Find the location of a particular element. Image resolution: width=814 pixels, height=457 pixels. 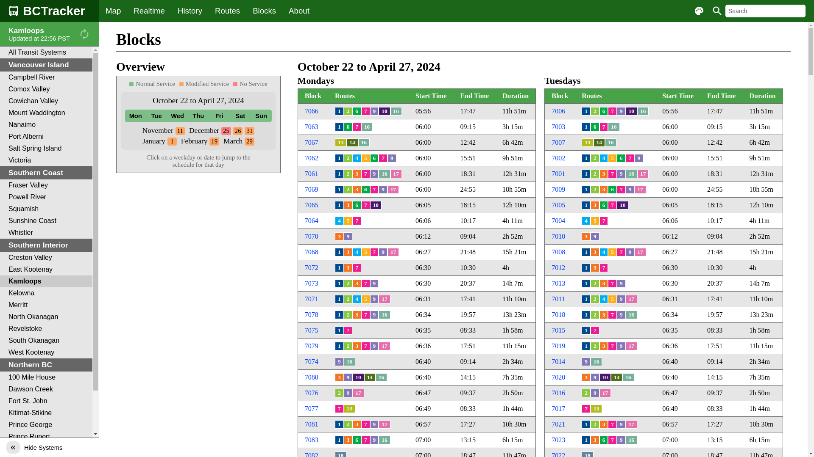

'Comox Valley' is located at coordinates (46, 89).